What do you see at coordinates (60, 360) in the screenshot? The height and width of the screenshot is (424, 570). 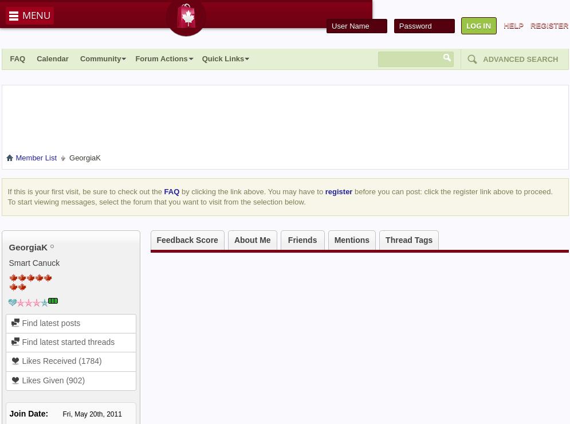 I see `'Likes Received (1784)'` at bounding box center [60, 360].